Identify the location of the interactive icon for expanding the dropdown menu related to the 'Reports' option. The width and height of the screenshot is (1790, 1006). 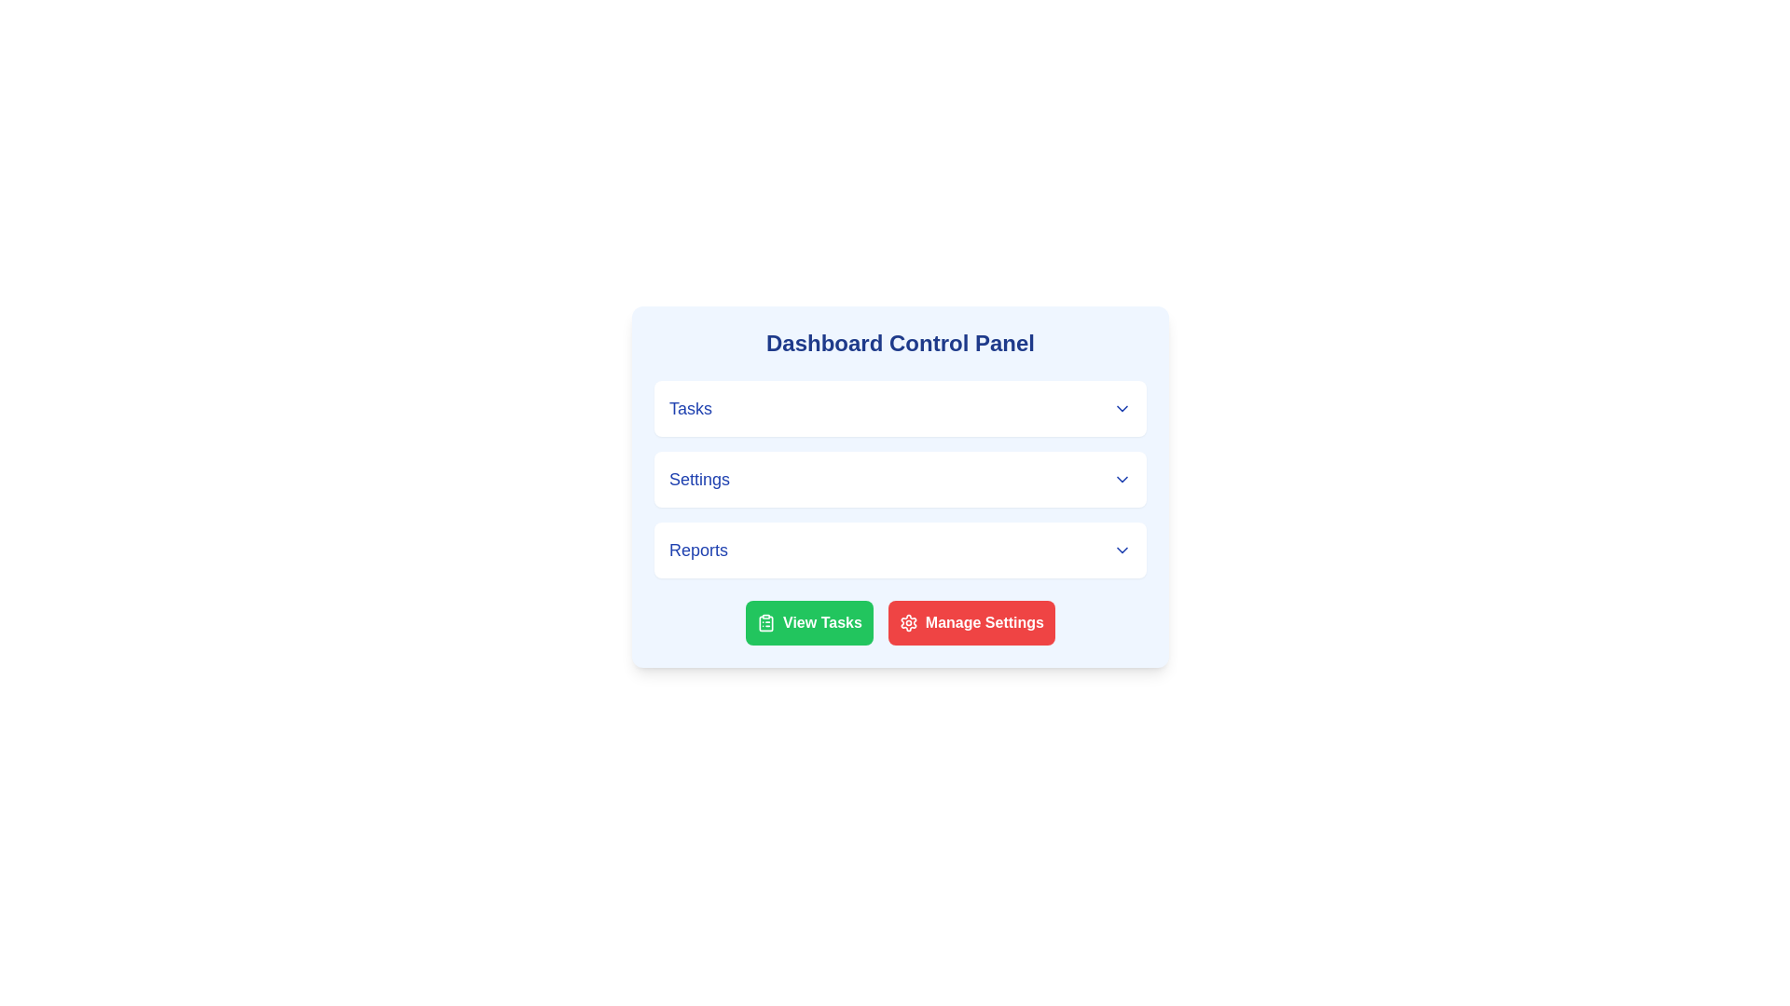
(1122, 549).